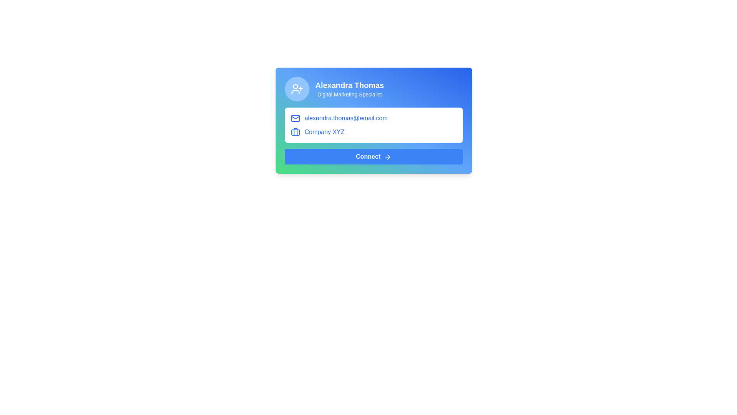 This screenshot has width=737, height=415. Describe the element at coordinates (324, 131) in the screenshot. I see `the Text Label displaying the company name located in the second row of the card under the user's email, next to the briefcase icon` at that location.